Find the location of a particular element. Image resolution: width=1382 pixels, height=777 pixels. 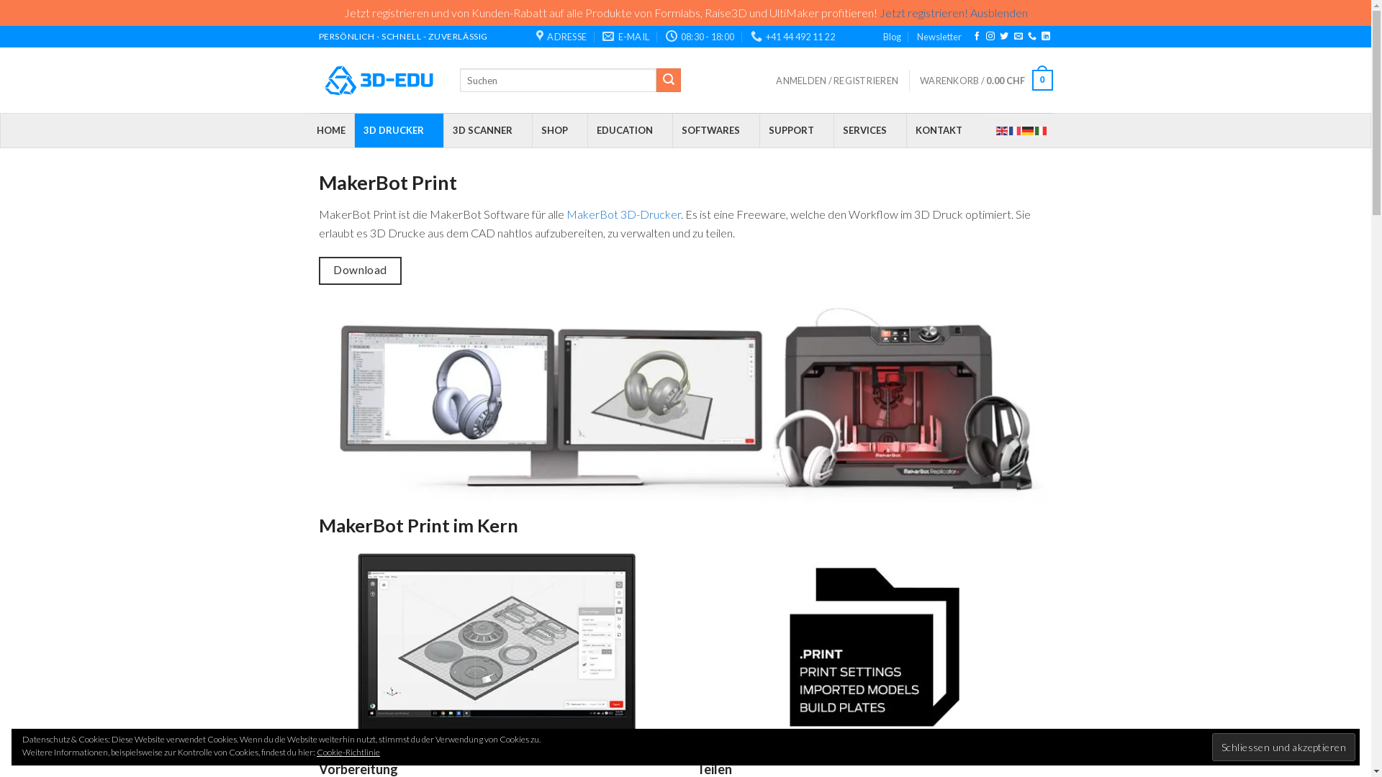

'SHOP' is located at coordinates (558, 130).